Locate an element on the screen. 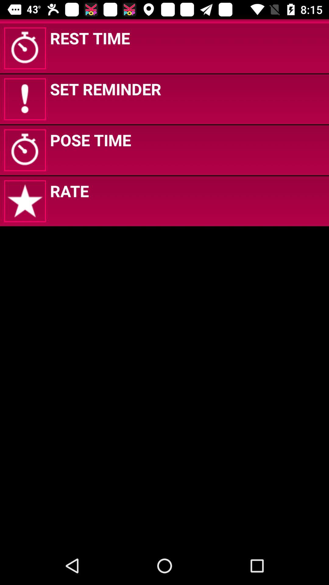 This screenshot has height=585, width=329. icon above the set reminder app is located at coordinates (90, 37).